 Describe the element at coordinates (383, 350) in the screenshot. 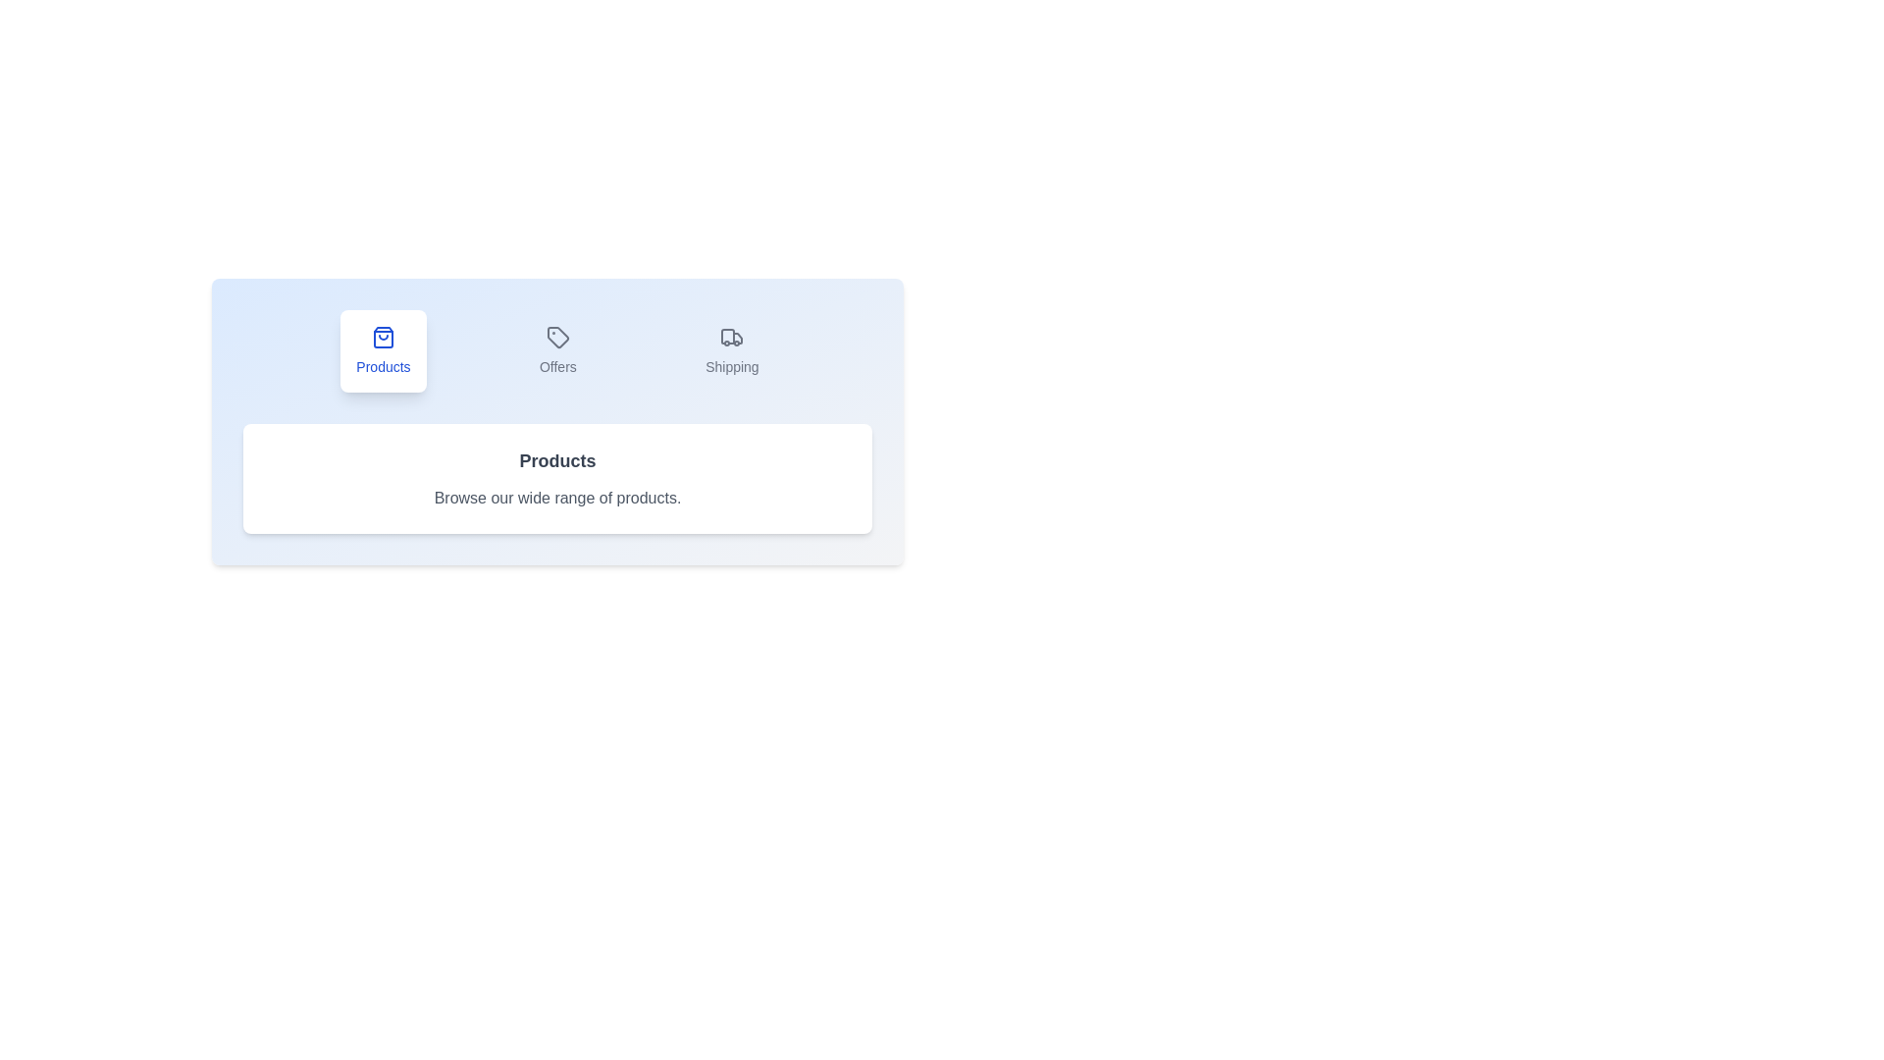

I see `the Products tab` at that location.